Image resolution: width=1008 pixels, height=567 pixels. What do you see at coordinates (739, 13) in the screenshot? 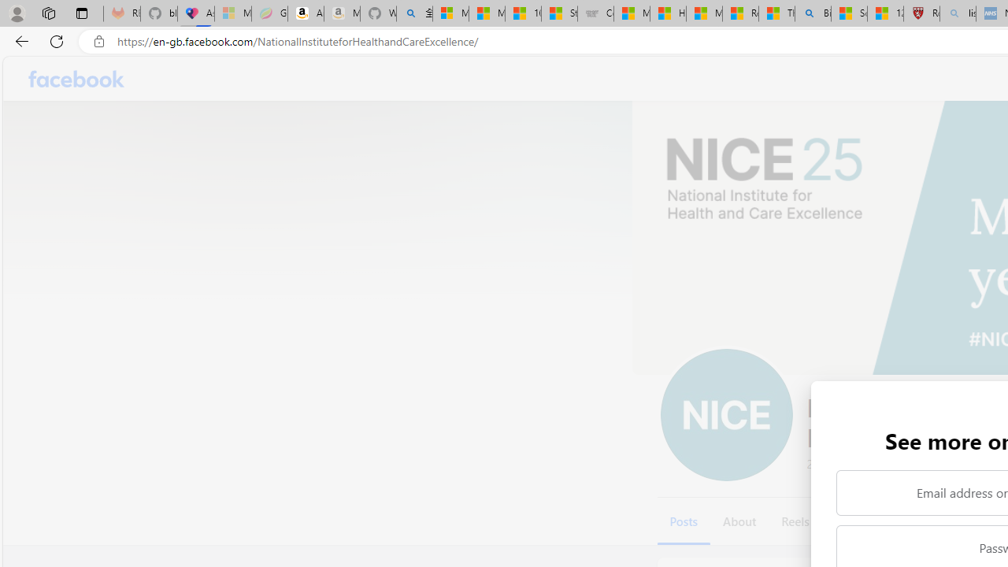
I see `'Recipes - MSN'` at bounding box center [739, 13].